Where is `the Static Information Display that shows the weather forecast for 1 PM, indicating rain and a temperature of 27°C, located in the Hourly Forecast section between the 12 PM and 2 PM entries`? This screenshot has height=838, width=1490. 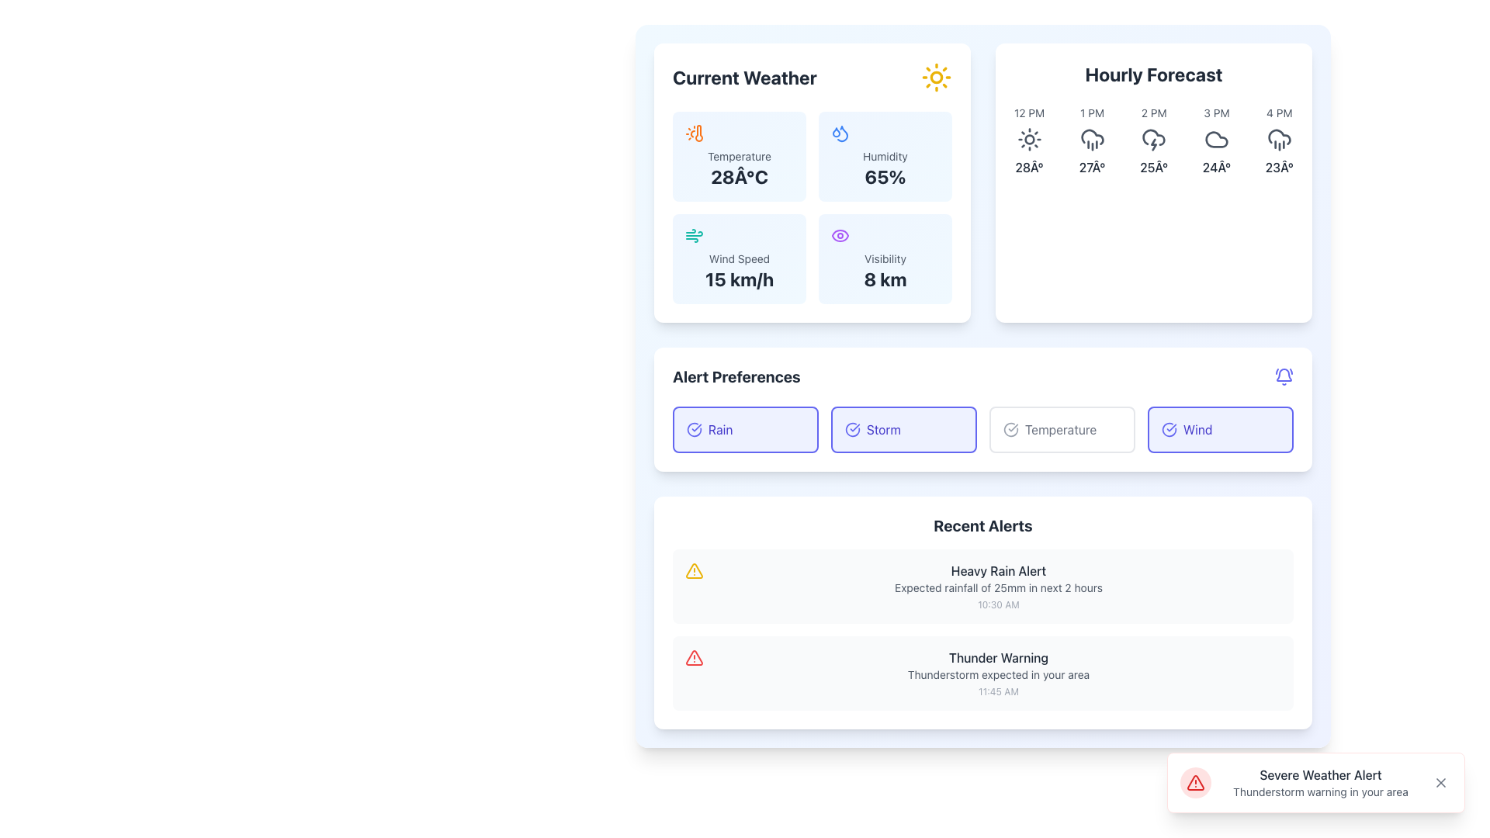
the Static Information Display that shows the weather forecast for 1 PM, indicating rain and a temperature of 27°C, located in the Hourly Forecast section between the 12 PM and 2 PM entries is located at coordinates (1091, 140).